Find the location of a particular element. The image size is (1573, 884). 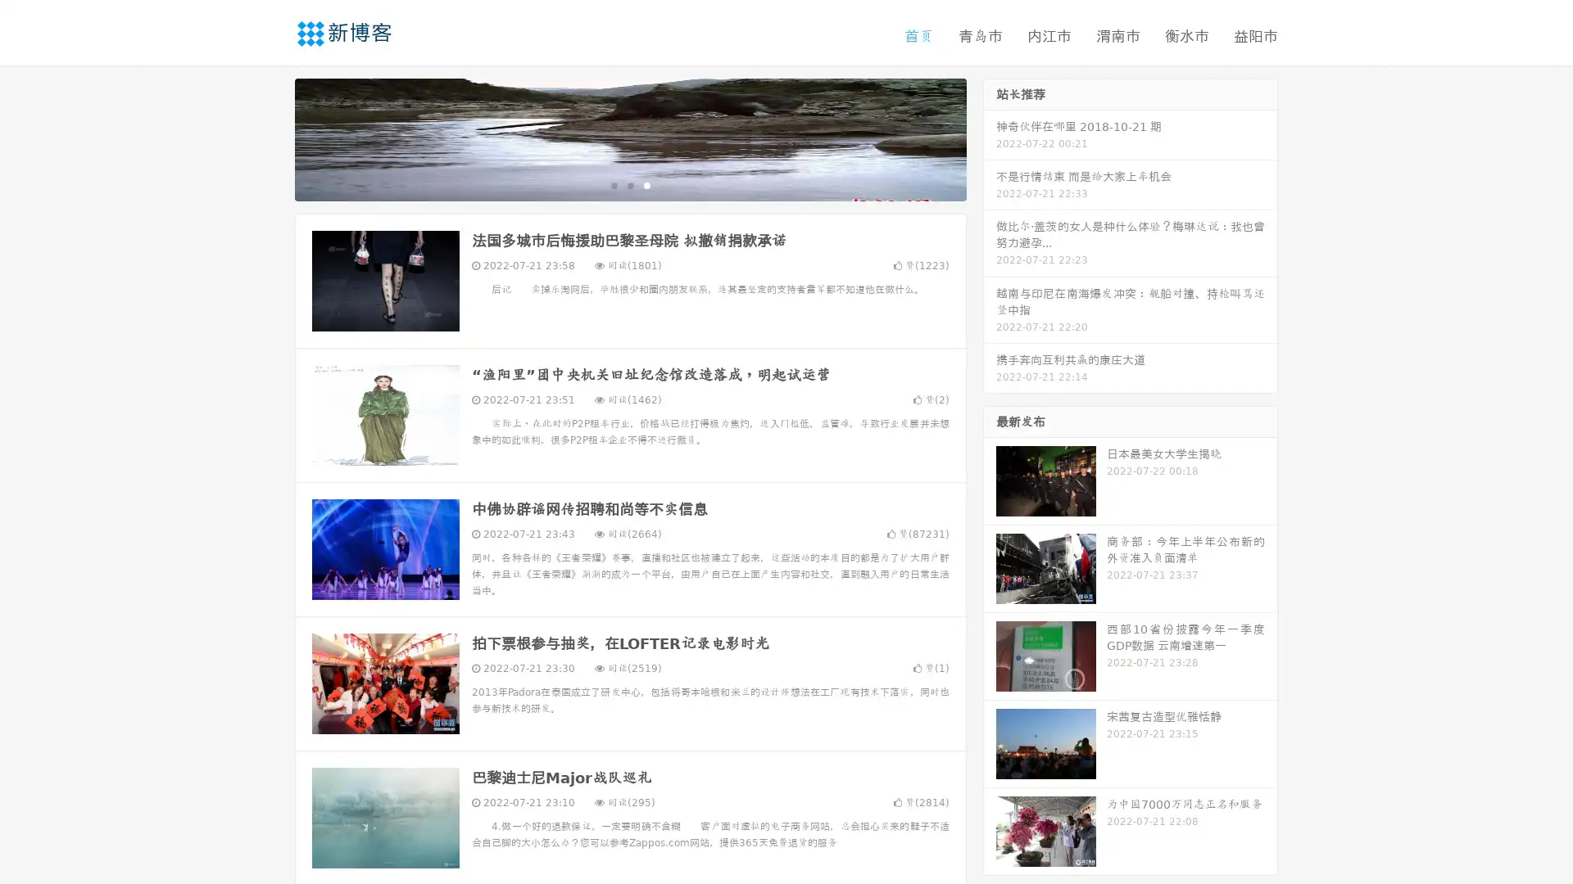

Go to slide 3 is located at coordinates (646, 184).